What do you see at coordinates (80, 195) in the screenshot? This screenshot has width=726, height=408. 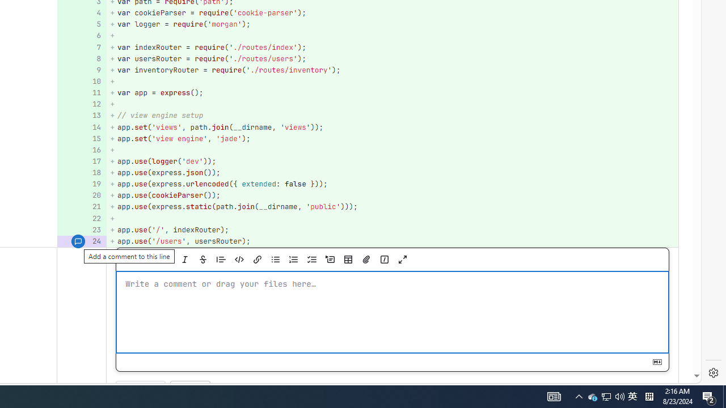 I see `'20'` at bounding box center [80, 195].